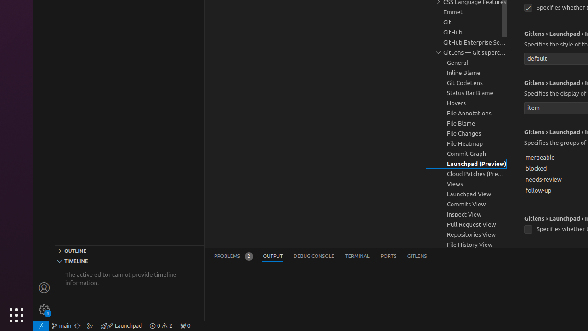  I want to click on 'Timeline Section', so click(129, 261).